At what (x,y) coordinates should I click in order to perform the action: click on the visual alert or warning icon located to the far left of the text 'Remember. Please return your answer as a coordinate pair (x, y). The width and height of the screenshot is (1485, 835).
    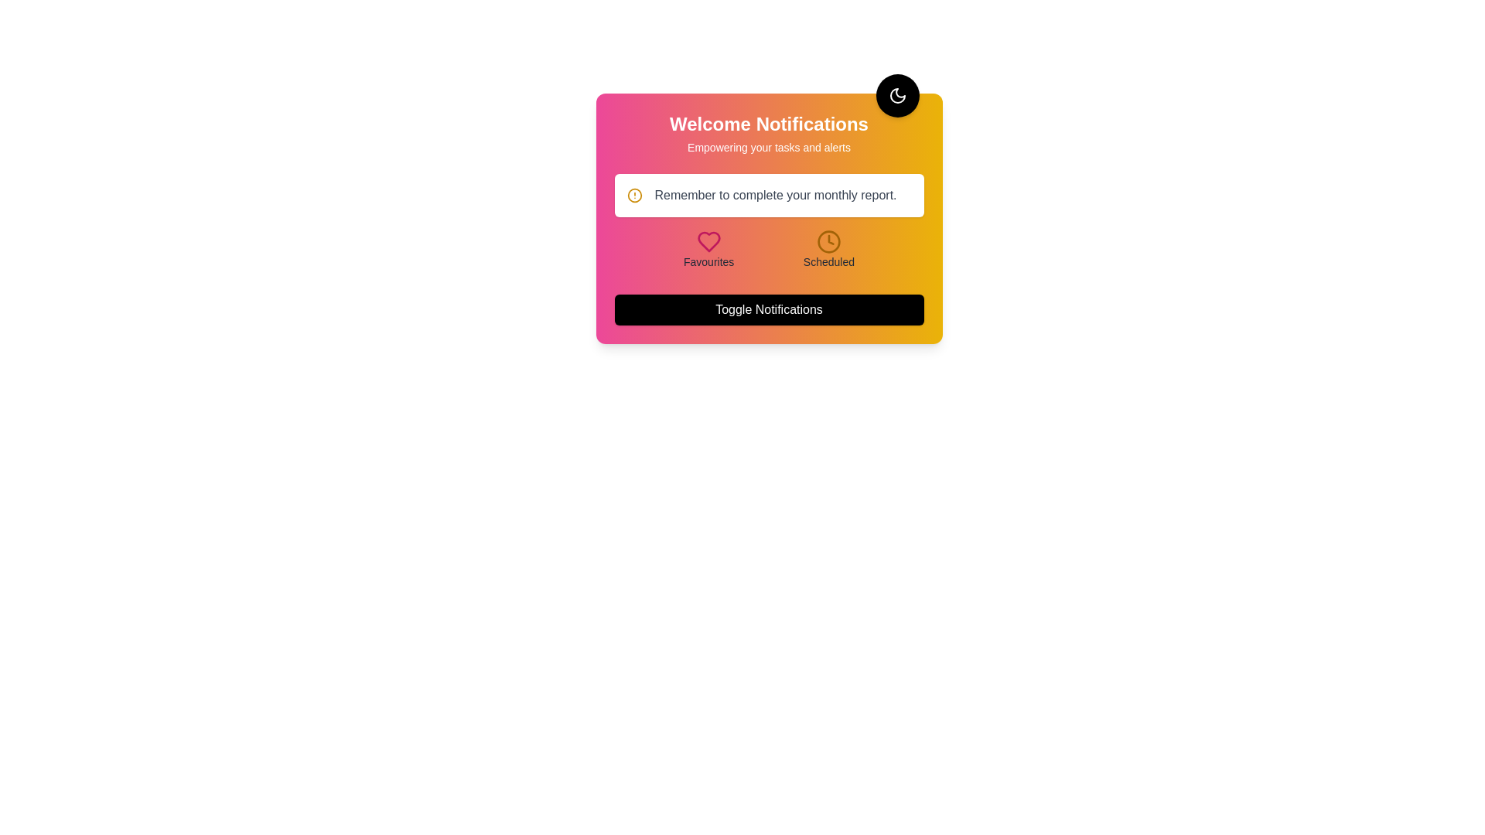
    Looking at the image, I should click on (634, 195).